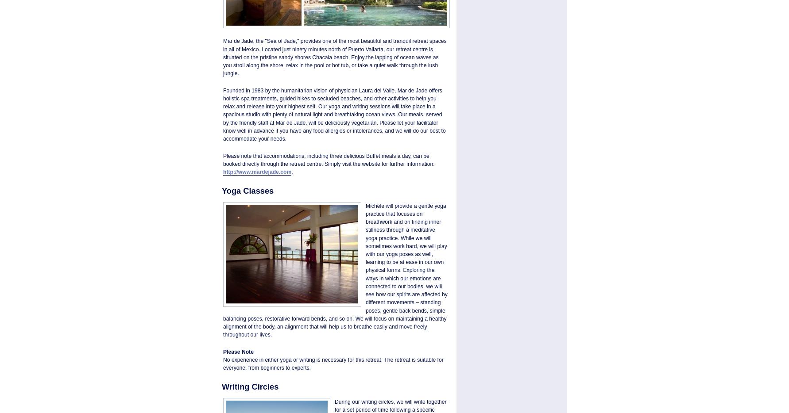  Describe the element at coordinates (334, 57) in the screenshot. I see `'Mar de Jade, the "Sea of Jade," provides one of the most beautiful and tranquil retreat spaces in all of Mexico. Located just ninety minutes north of Puerto Vallarta, our retreat centre is situated on the pristine sandy shores Chacala beach.  Enjoy the lapping of ocean waves as you stroll along the shore, relax in the pool or hot tub, or take a quiet walk through the lush jungle.'` at that location.